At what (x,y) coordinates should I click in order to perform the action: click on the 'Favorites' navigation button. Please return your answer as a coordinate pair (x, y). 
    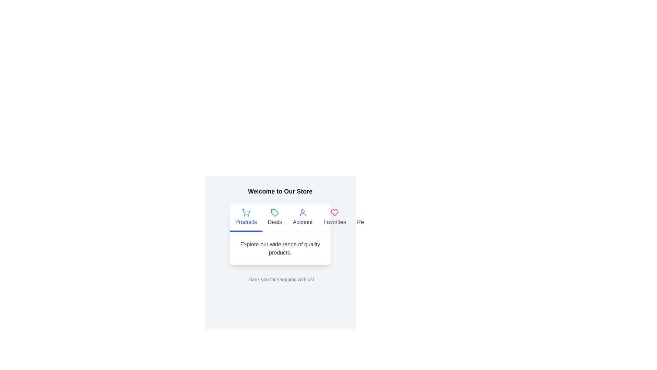
    Looking at the image, I should click on (335, 218).